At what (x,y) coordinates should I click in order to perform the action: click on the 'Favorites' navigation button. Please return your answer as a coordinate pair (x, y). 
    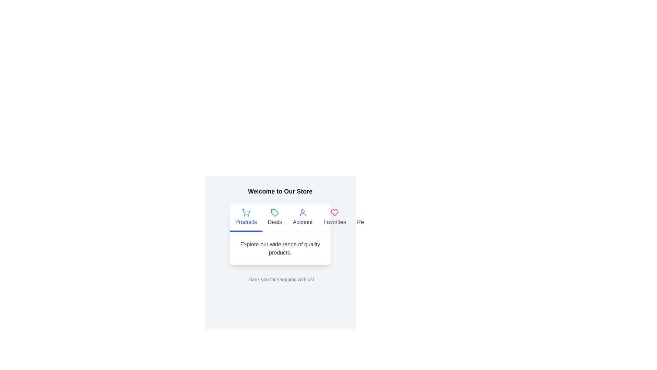
    Looking at the image, I should click on (335, 218).